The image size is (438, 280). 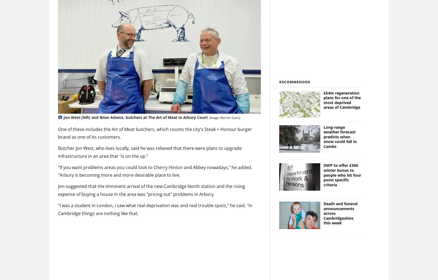 I want to click on '(Image: Warren Gunn)', so click(x=224, y=118).